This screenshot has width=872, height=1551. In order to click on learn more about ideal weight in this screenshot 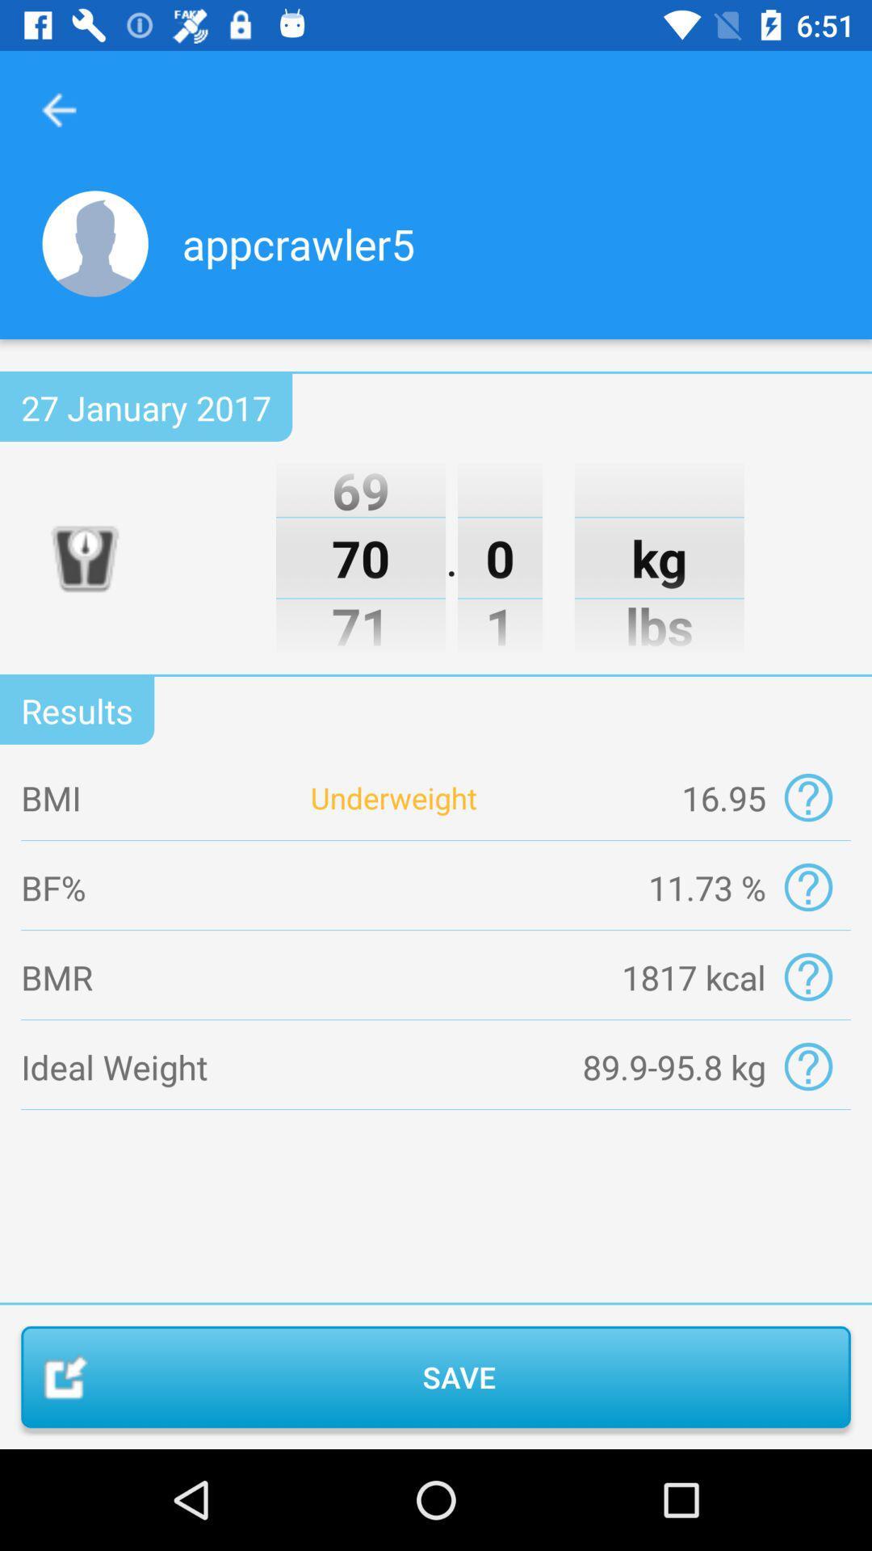, I will do `click(808, 1066)`.